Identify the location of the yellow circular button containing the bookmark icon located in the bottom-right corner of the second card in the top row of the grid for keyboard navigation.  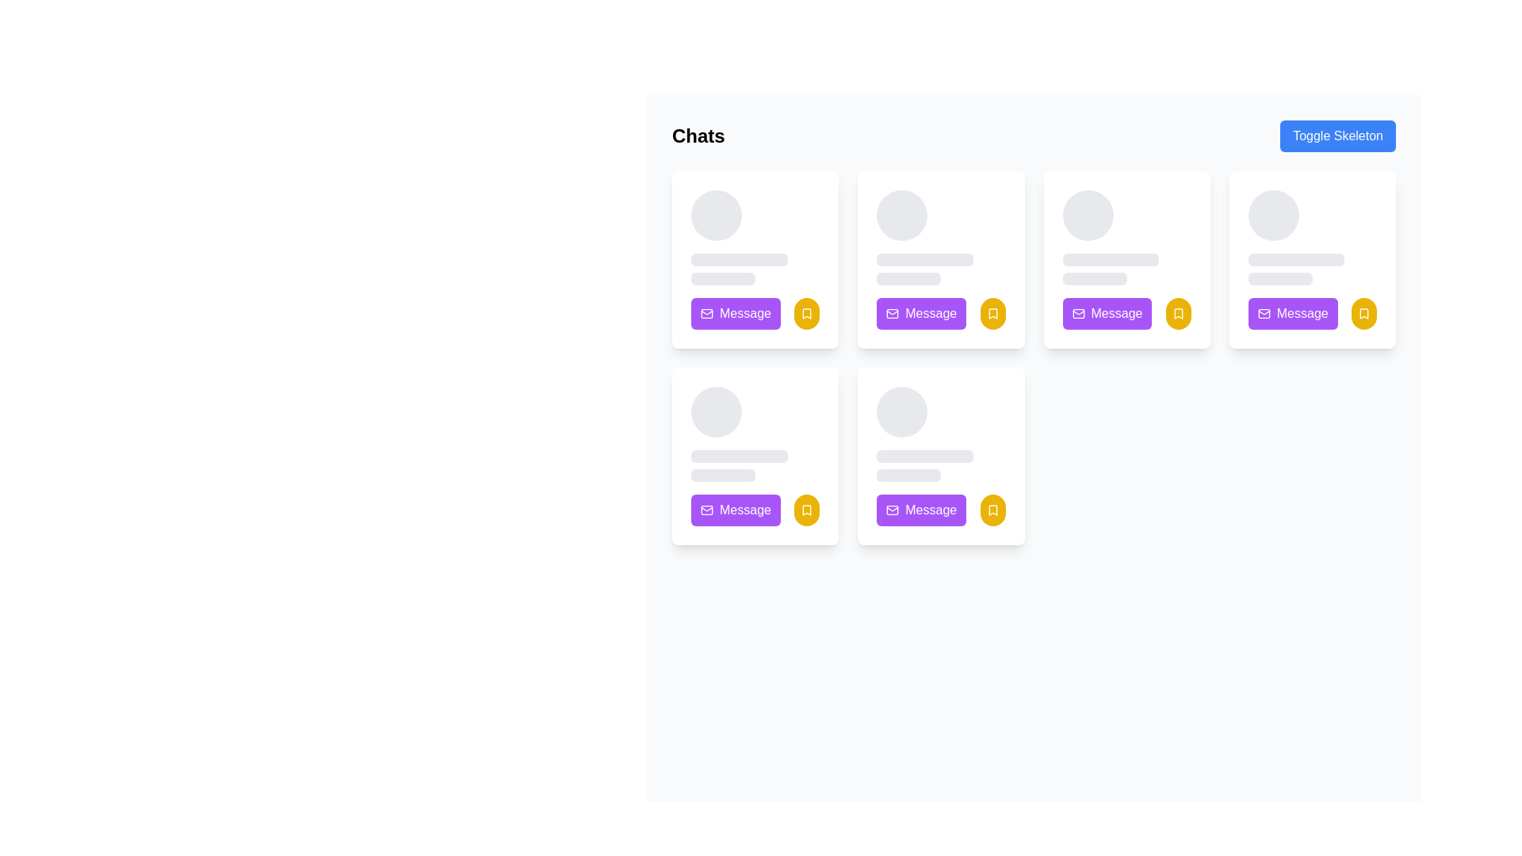
(992, 314).